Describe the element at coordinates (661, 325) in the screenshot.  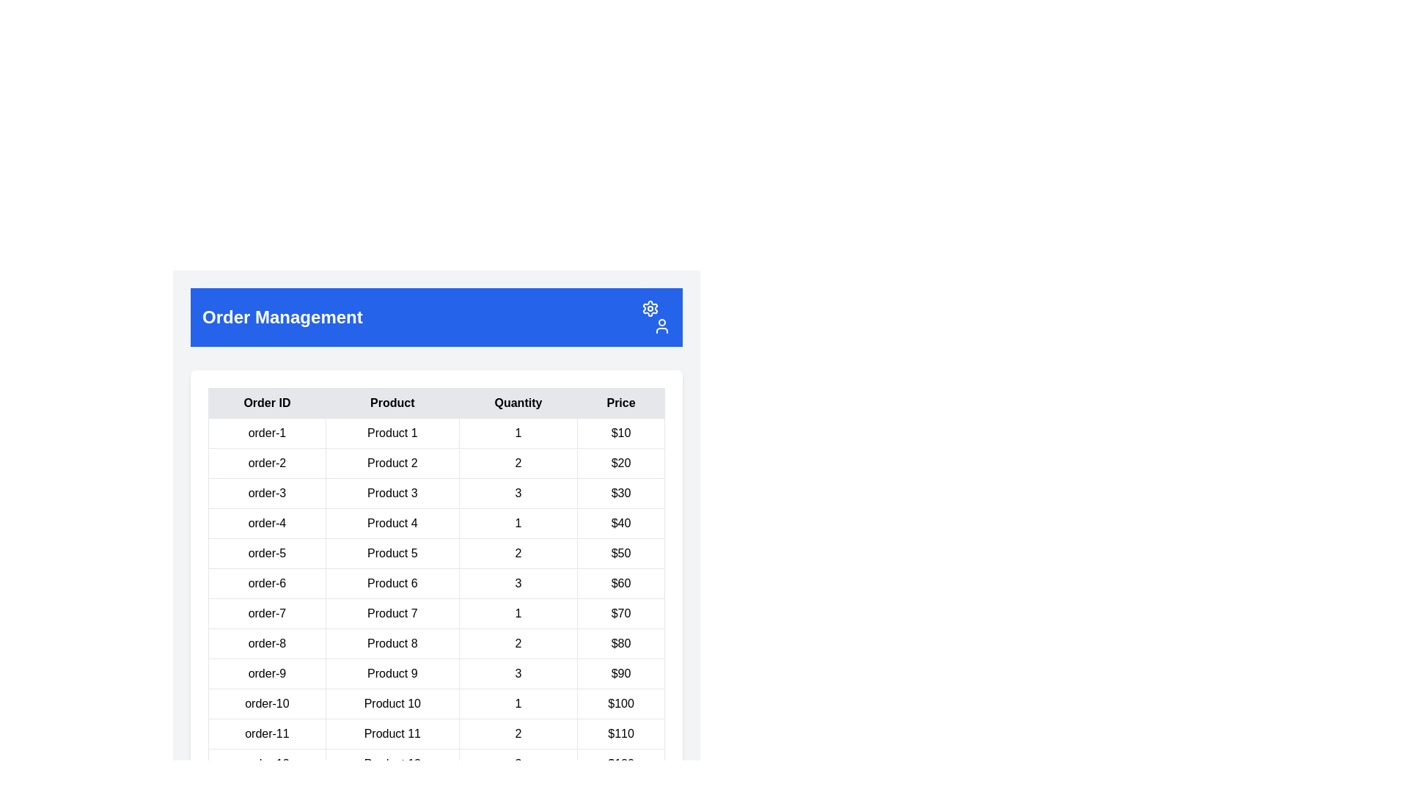
I see `the user-related actions icon located at the top-right corner of the blue header section` at that location.